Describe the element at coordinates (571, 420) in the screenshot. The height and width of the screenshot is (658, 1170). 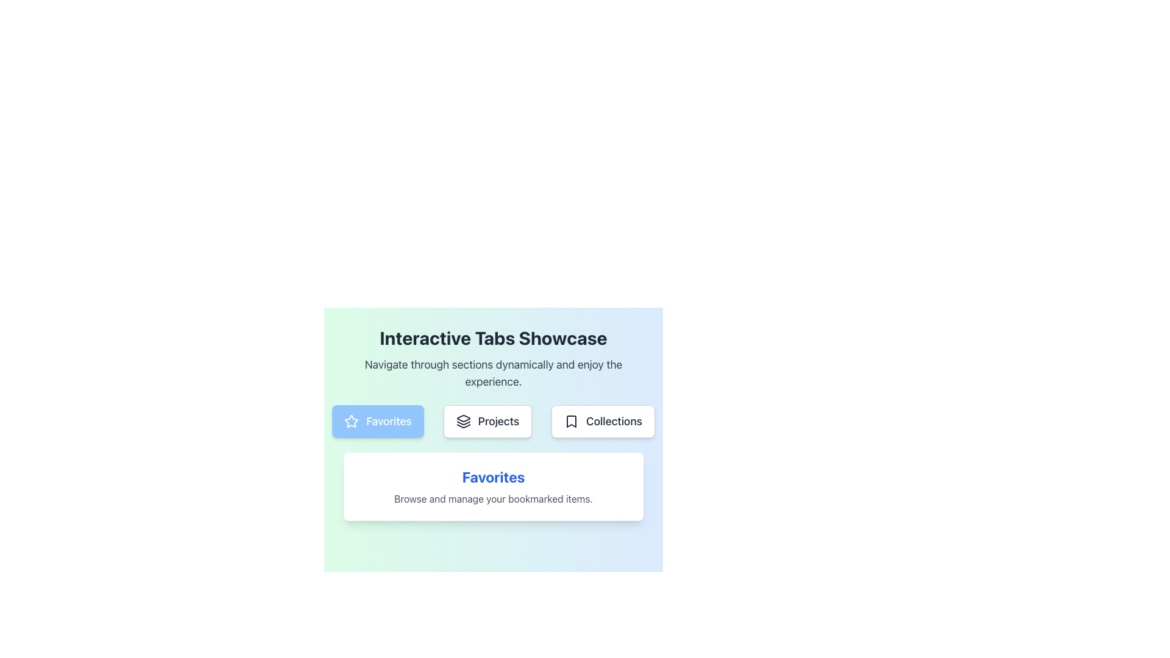
I see `the bookmark icon located within the 'Collections' button at the top-right of the interface, which is part of a row of three buttons: 'Favorites', 'Projects', and 'Collections'` at that location.